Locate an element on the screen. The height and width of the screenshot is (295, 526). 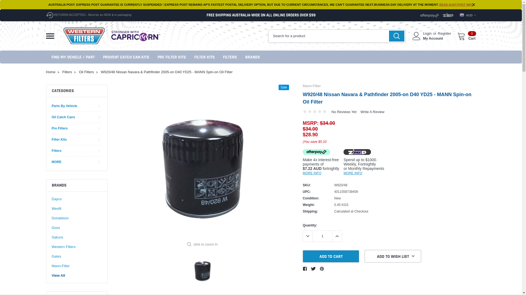
'ADD TO WISH LIST' is located at coordinates (364, 256).